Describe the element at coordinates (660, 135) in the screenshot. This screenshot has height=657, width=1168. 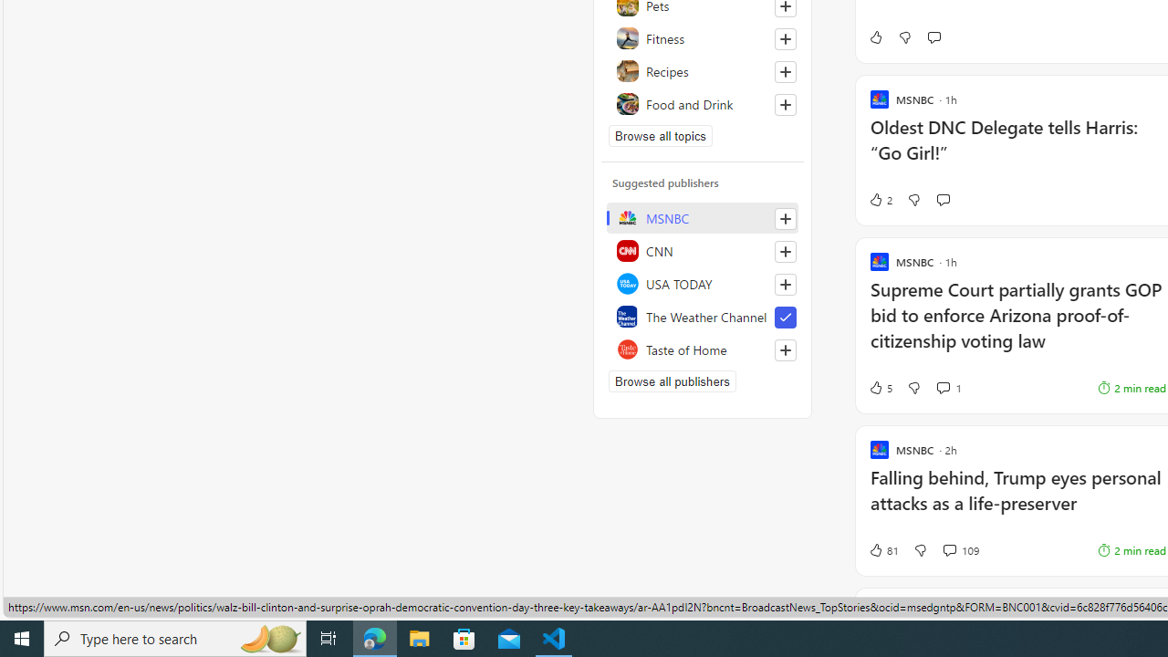
I see `'Browse all topics'` at that location.